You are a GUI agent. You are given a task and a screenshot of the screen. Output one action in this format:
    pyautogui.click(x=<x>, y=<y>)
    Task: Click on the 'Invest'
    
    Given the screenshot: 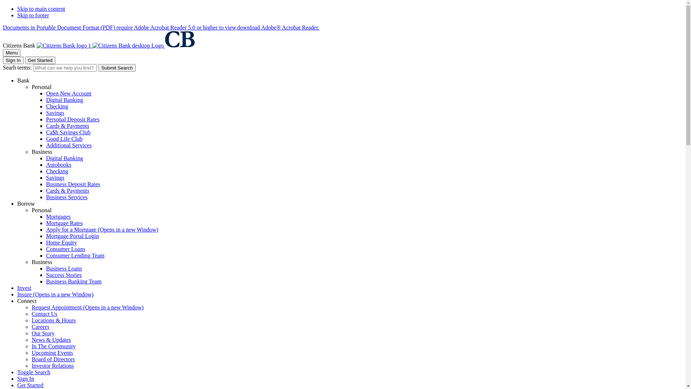 What is the action you would take?
    pyautogui.click(x=24, y=287)
    